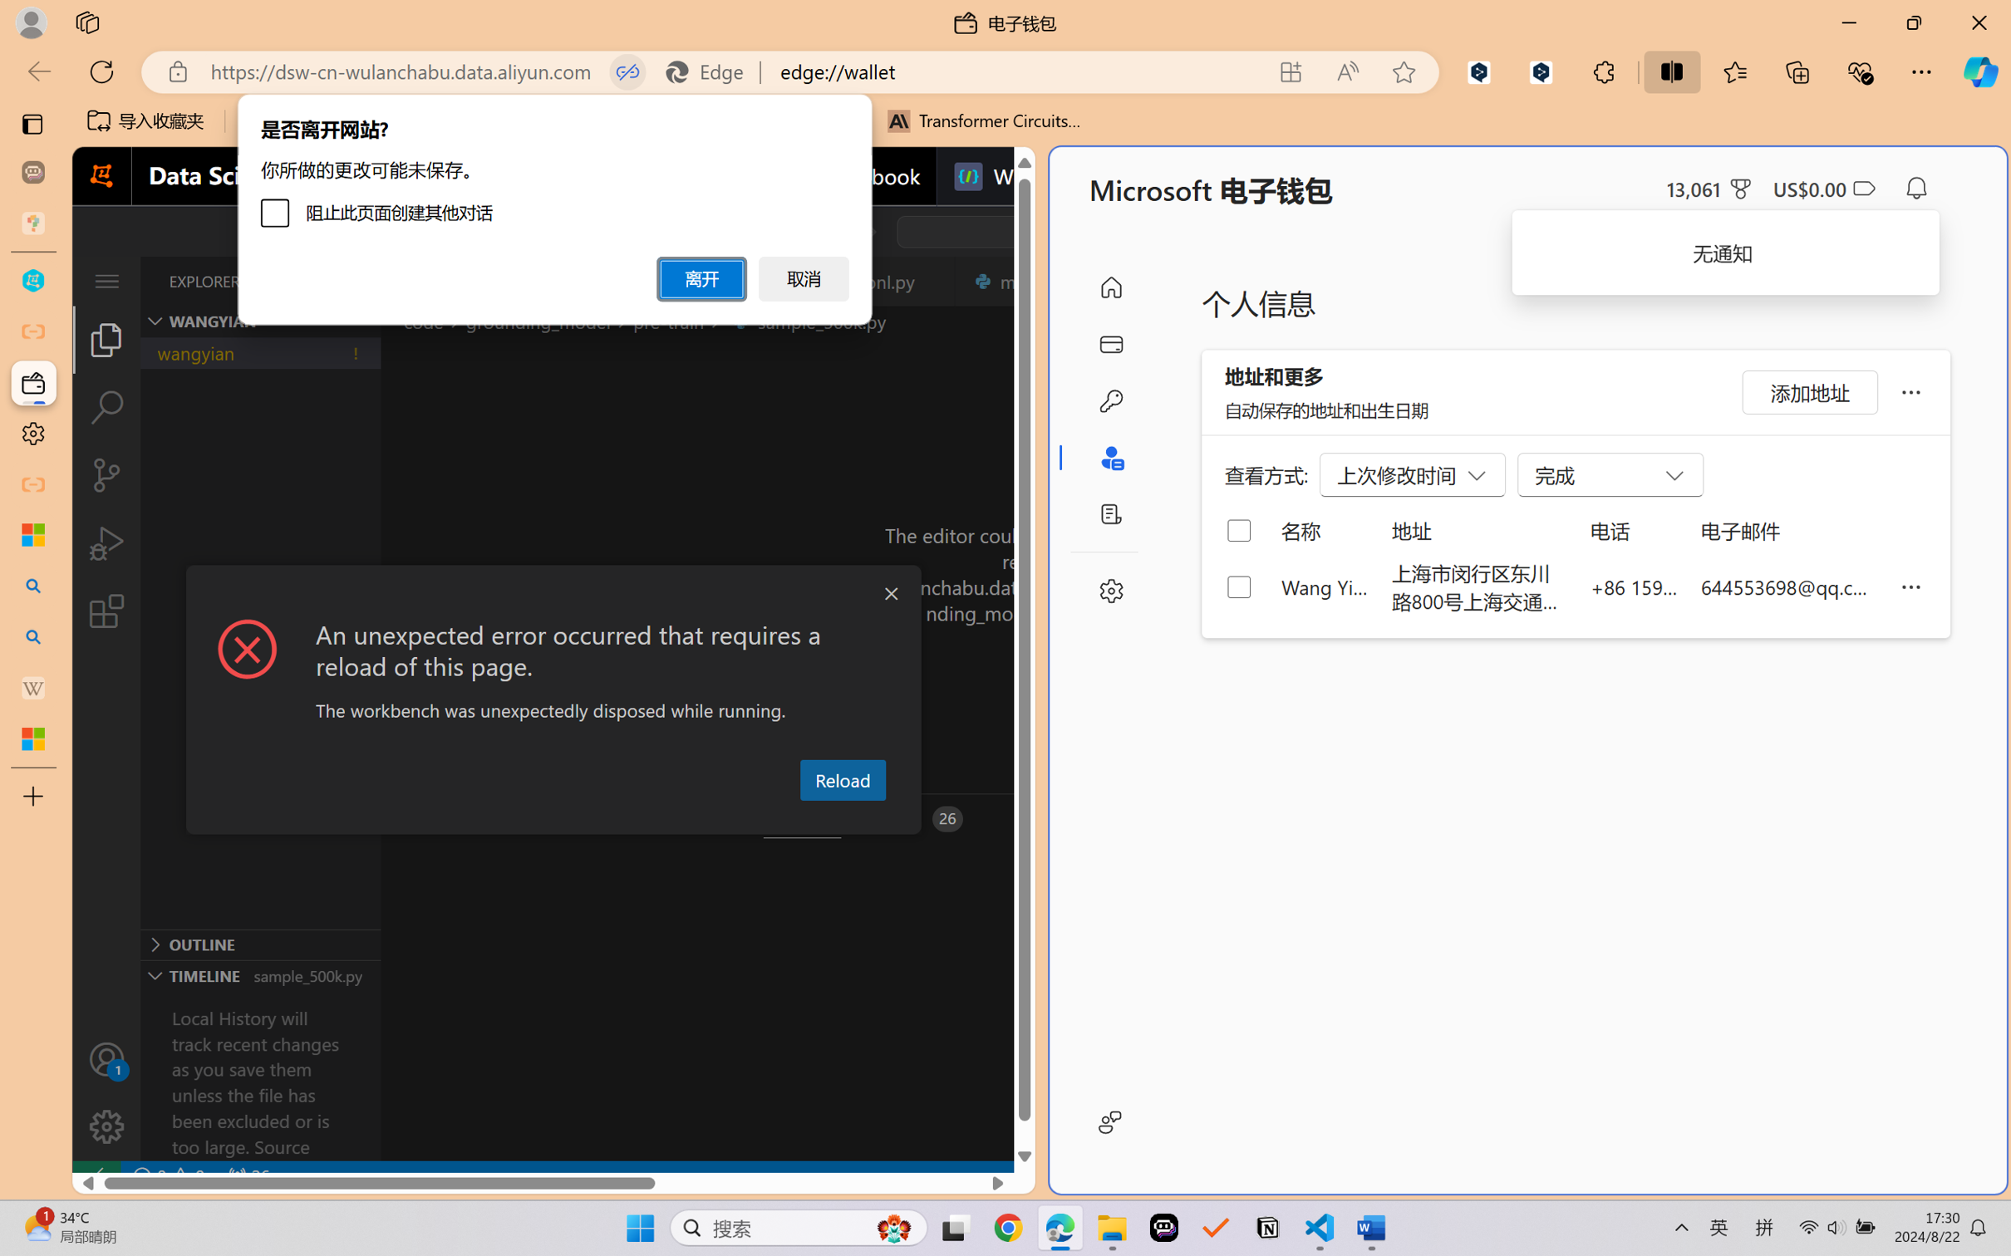 The image size is (2011, 1256). Describe the element at coordinates (106, 475) in the screenshot. I see `'Source Control (Ctrl+Shift+G)'` at that location.